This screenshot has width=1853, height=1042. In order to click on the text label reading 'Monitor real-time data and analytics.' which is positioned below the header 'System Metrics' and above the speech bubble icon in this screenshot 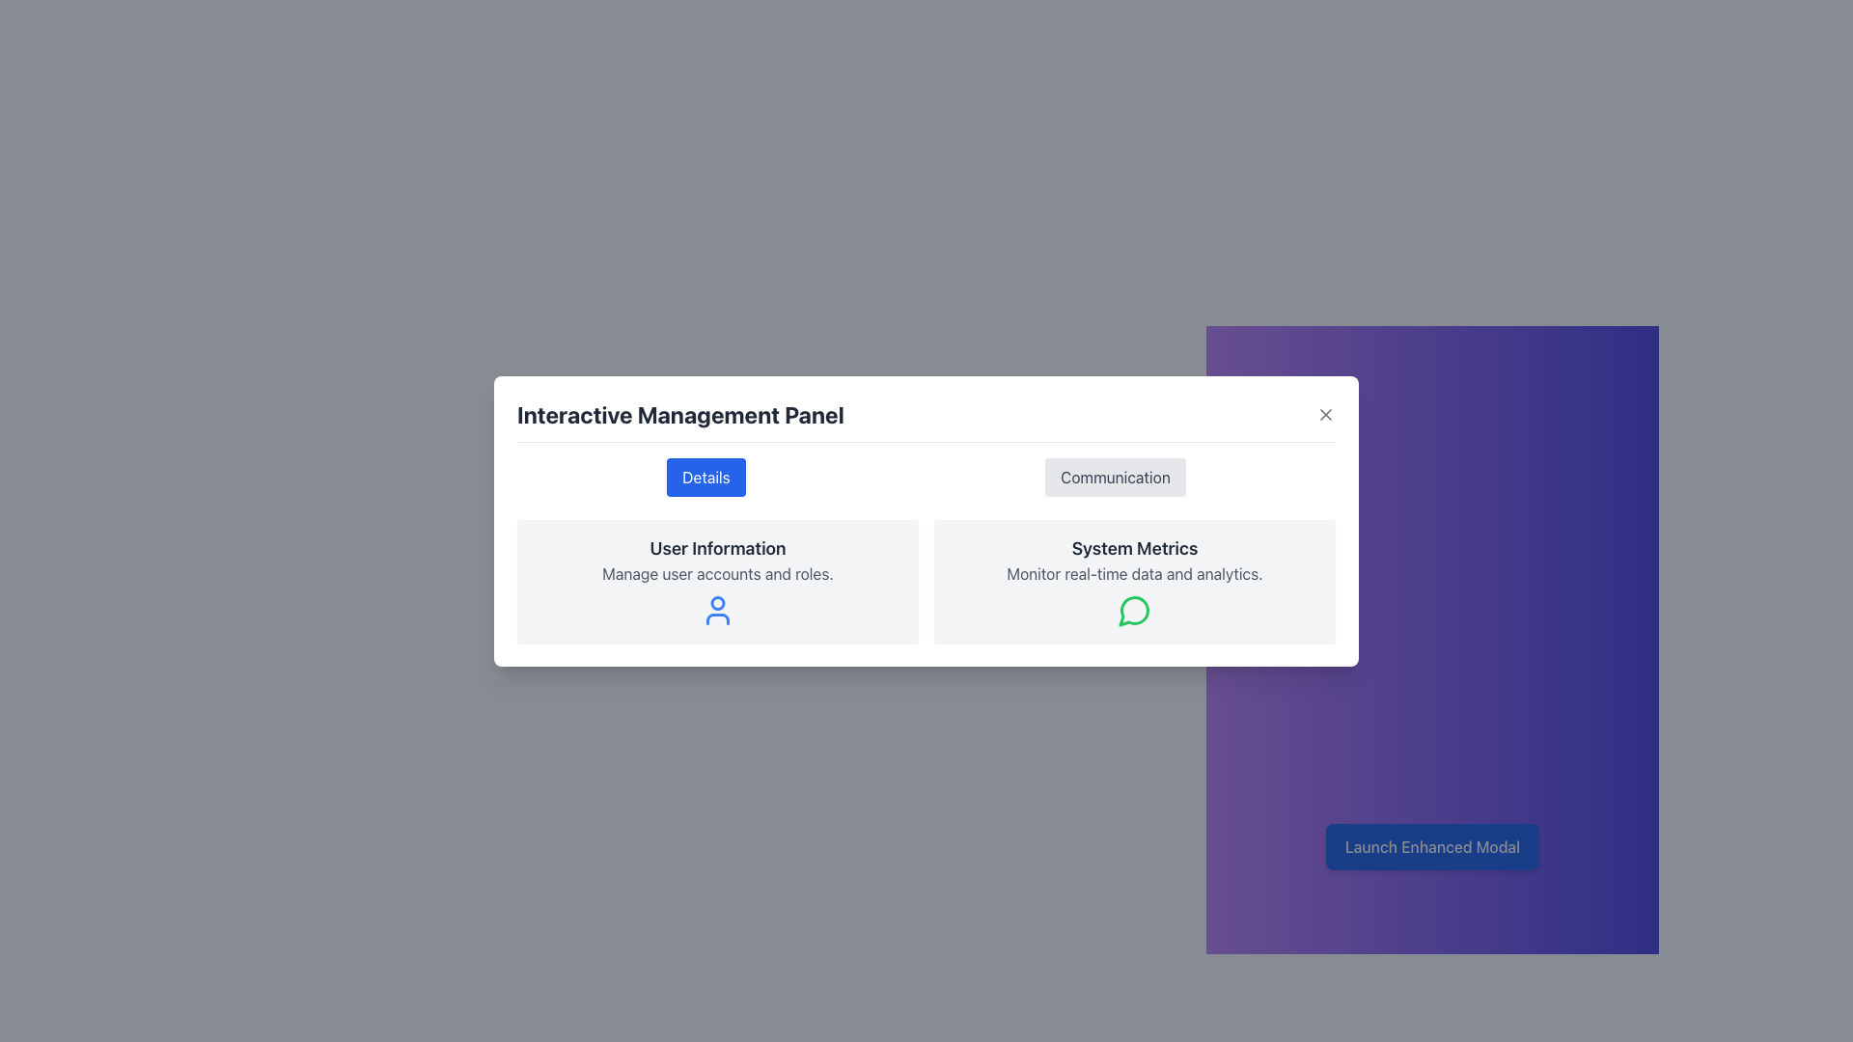, I will do `click(1135, 572)`.